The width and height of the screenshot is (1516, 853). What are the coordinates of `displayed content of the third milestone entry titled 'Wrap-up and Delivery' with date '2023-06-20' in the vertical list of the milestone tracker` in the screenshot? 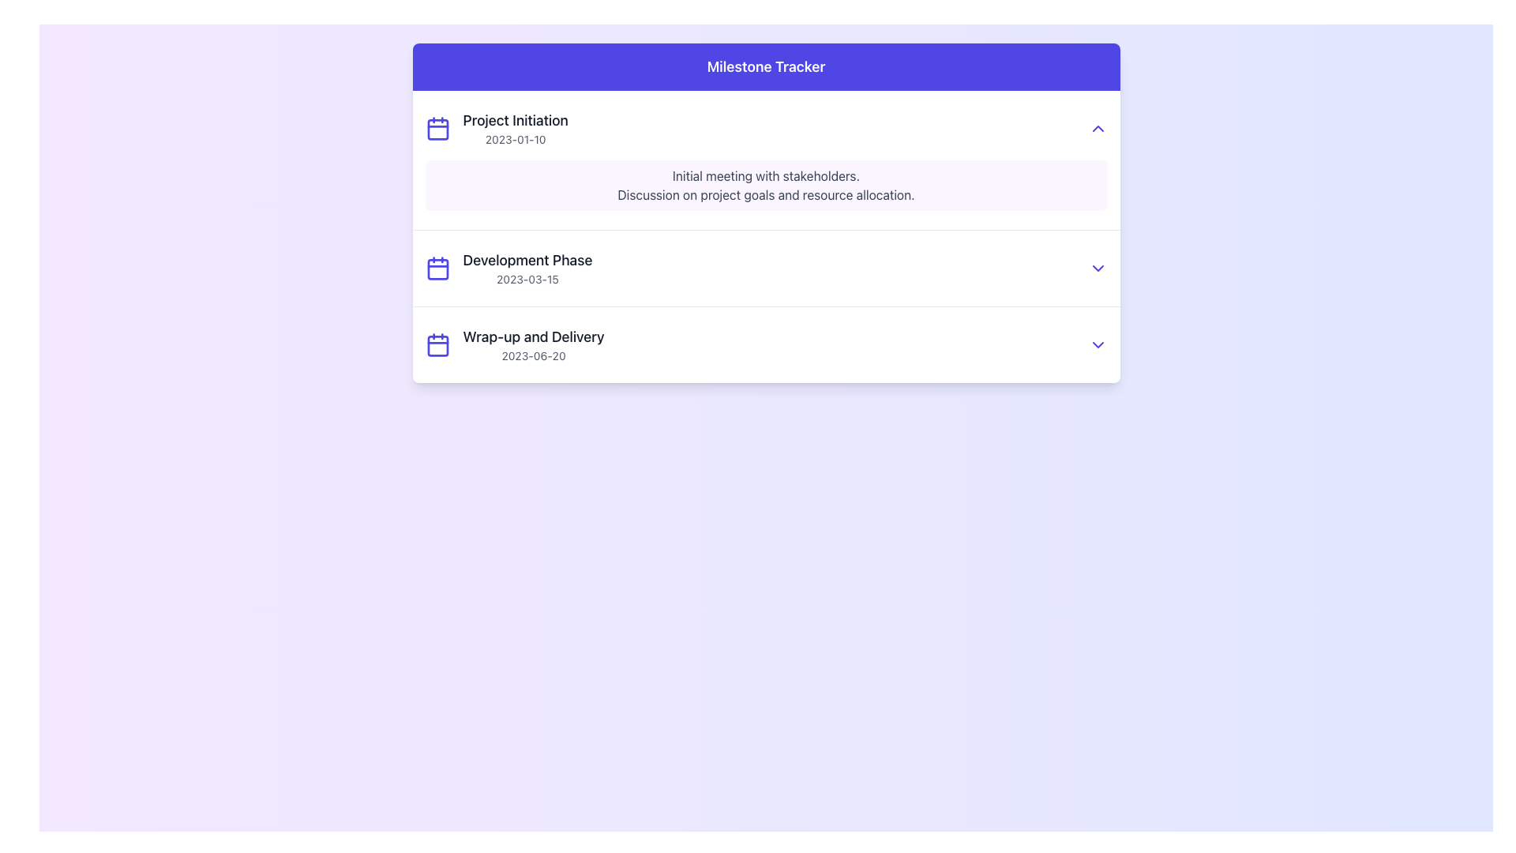 It's located at (766, 344).